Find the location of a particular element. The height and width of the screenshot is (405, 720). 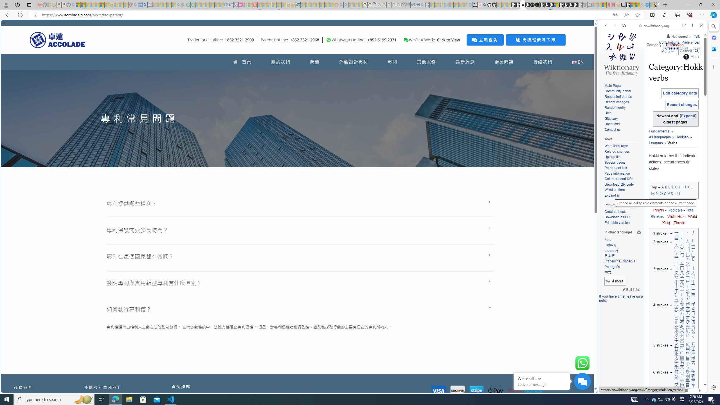

'Contributions' is located at coordinates (669, 42).